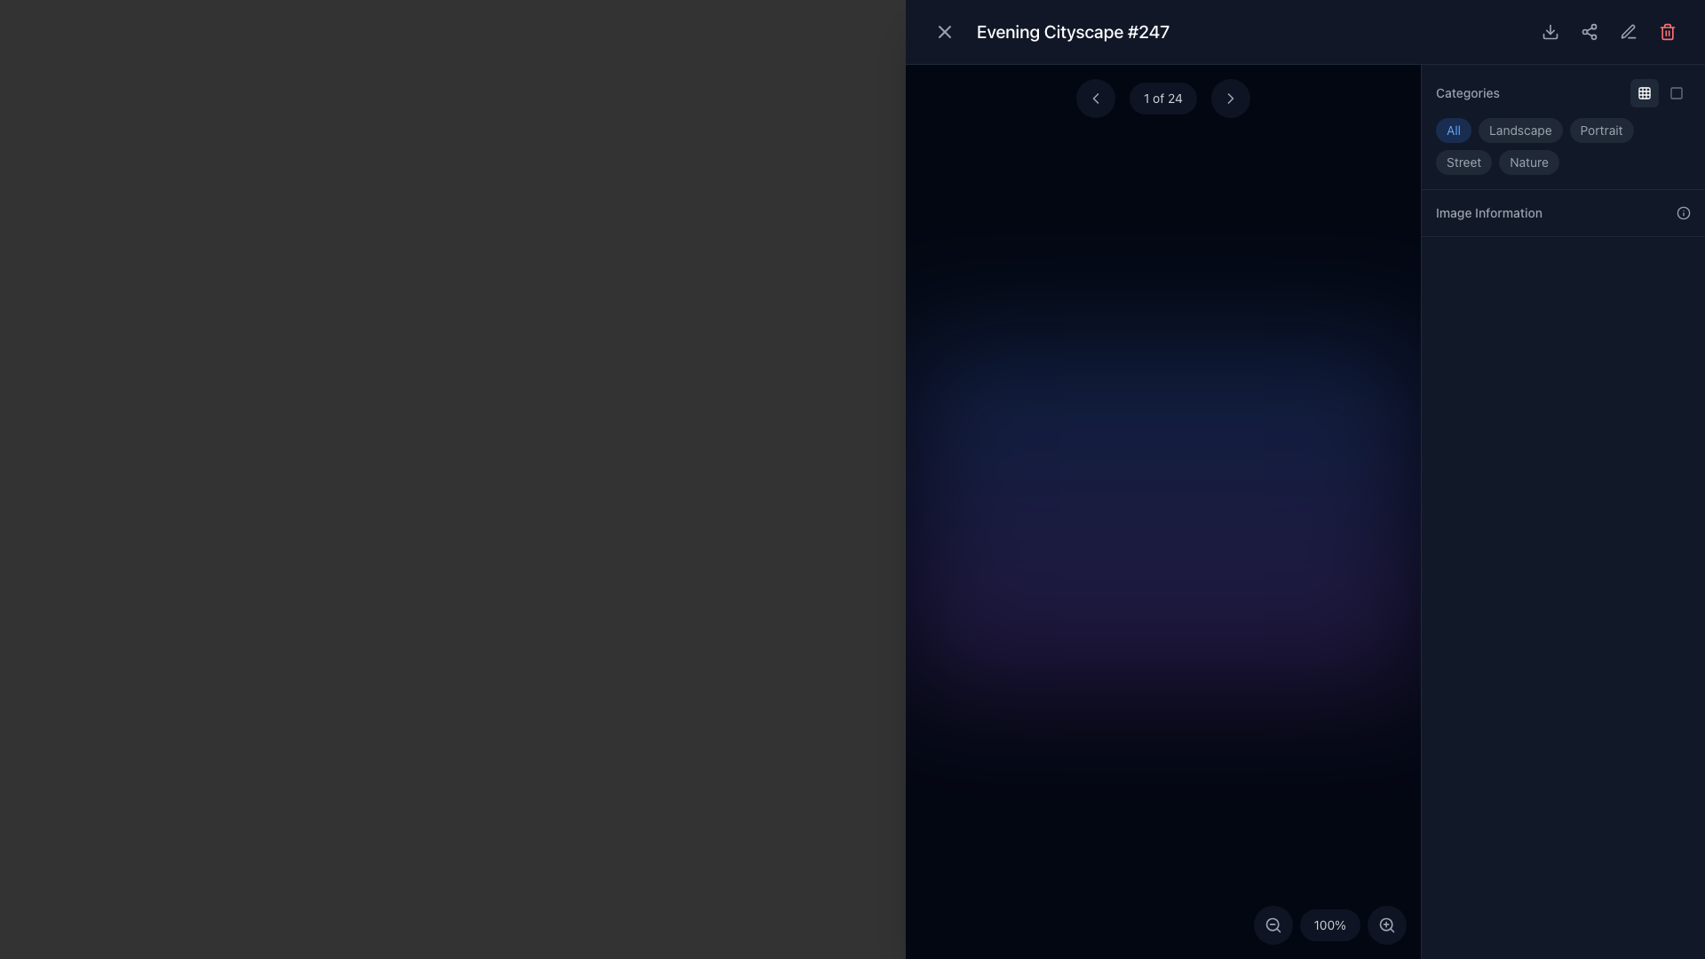 This screenshot has height=959, width=1705. What do you see at coordinates (944, 31) in the screenshot?
I see `the close button located at the top left of the interface, next to the text 'Evening Cityscape #247'` at bounding box center [944, 31].